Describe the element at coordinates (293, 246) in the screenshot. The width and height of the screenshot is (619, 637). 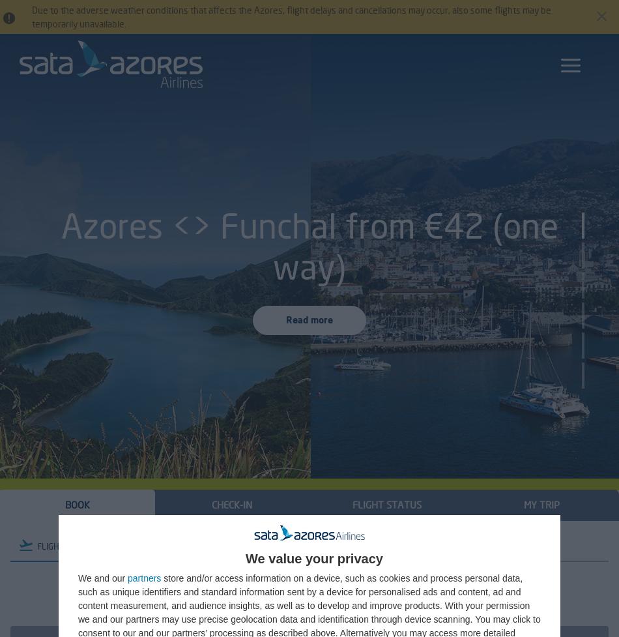
I see `'Azores <> Funchal from €42 (one way)'` at that location.